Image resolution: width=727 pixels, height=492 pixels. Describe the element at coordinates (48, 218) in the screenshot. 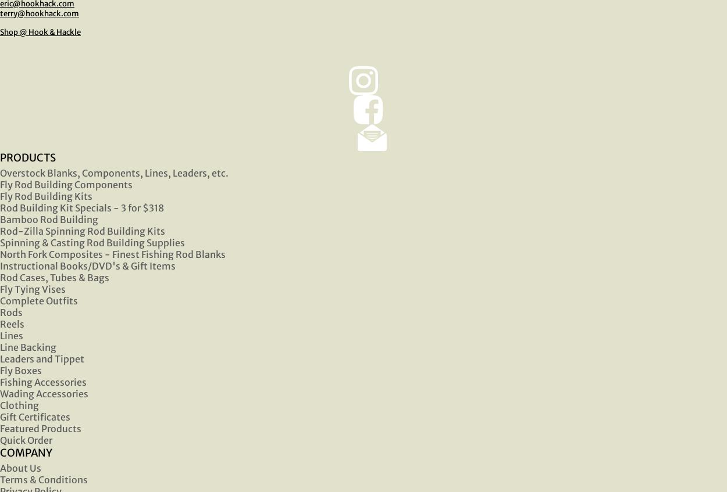

I see `'Bamboo Rod Building'` at that location.